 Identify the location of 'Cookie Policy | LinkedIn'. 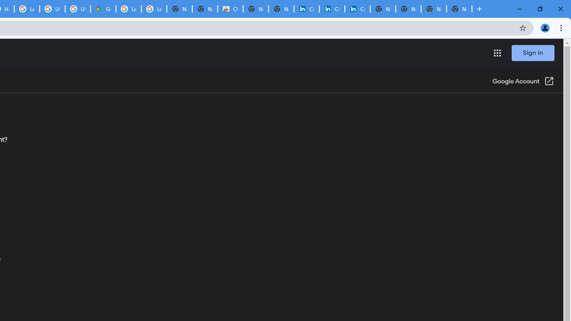
(306, 9).